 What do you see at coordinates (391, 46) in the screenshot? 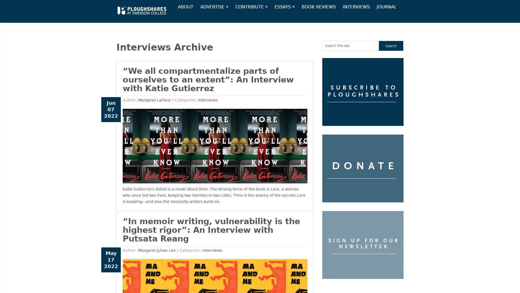
I see `Search` at bounding box center [391, 46].